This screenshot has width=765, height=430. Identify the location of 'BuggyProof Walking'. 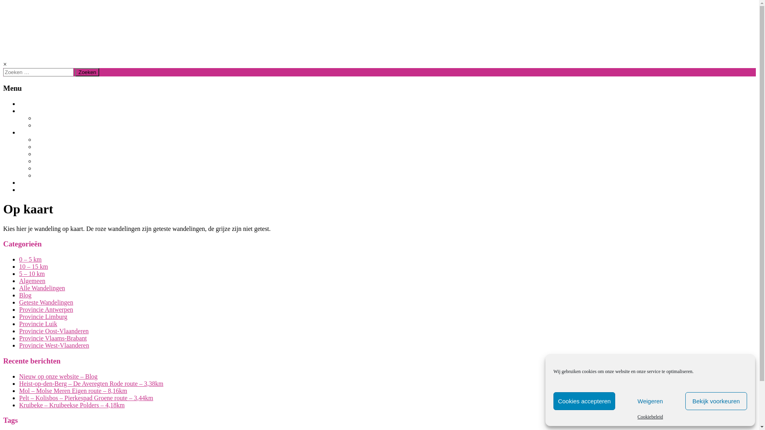
(89, 26).